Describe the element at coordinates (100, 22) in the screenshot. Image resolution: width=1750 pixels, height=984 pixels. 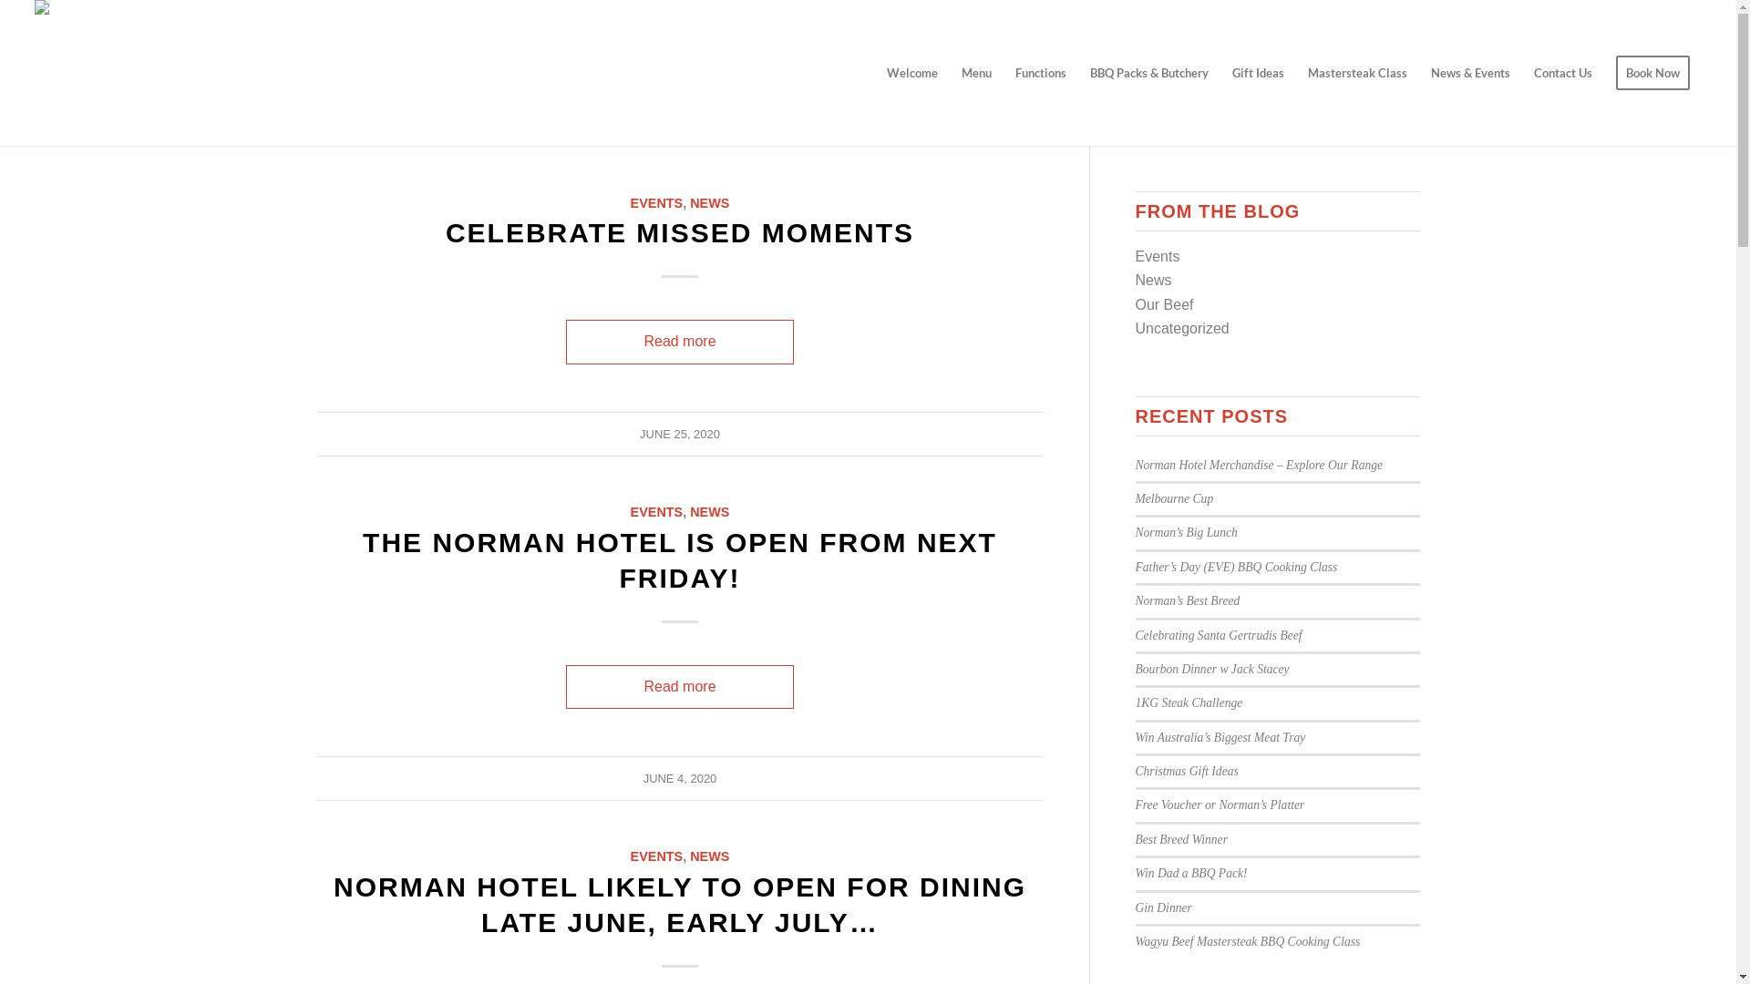
I see `'Logo-Norman-Hotel'` at that location.